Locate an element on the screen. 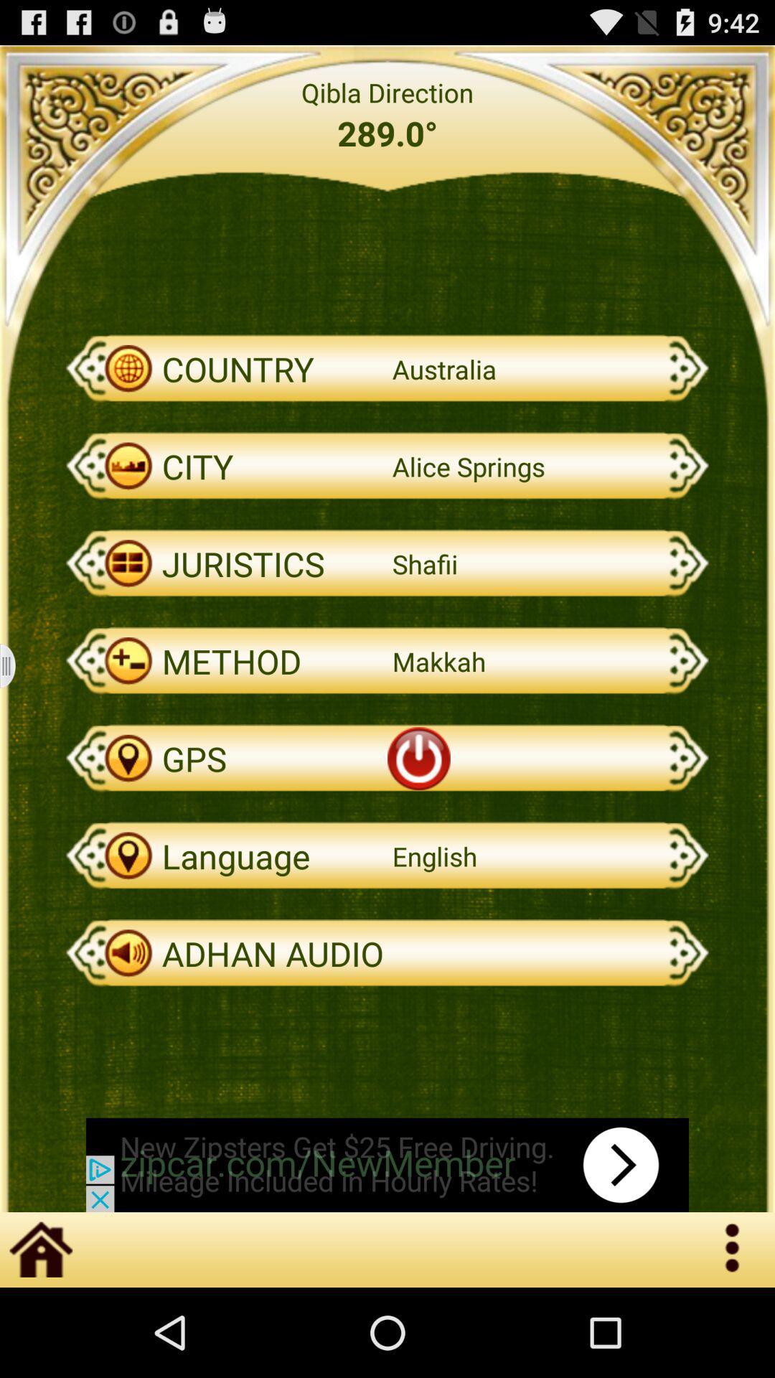 The width and height of the screenshot is (775, 1378). the tab below text language is located at coordinates (387, 954).